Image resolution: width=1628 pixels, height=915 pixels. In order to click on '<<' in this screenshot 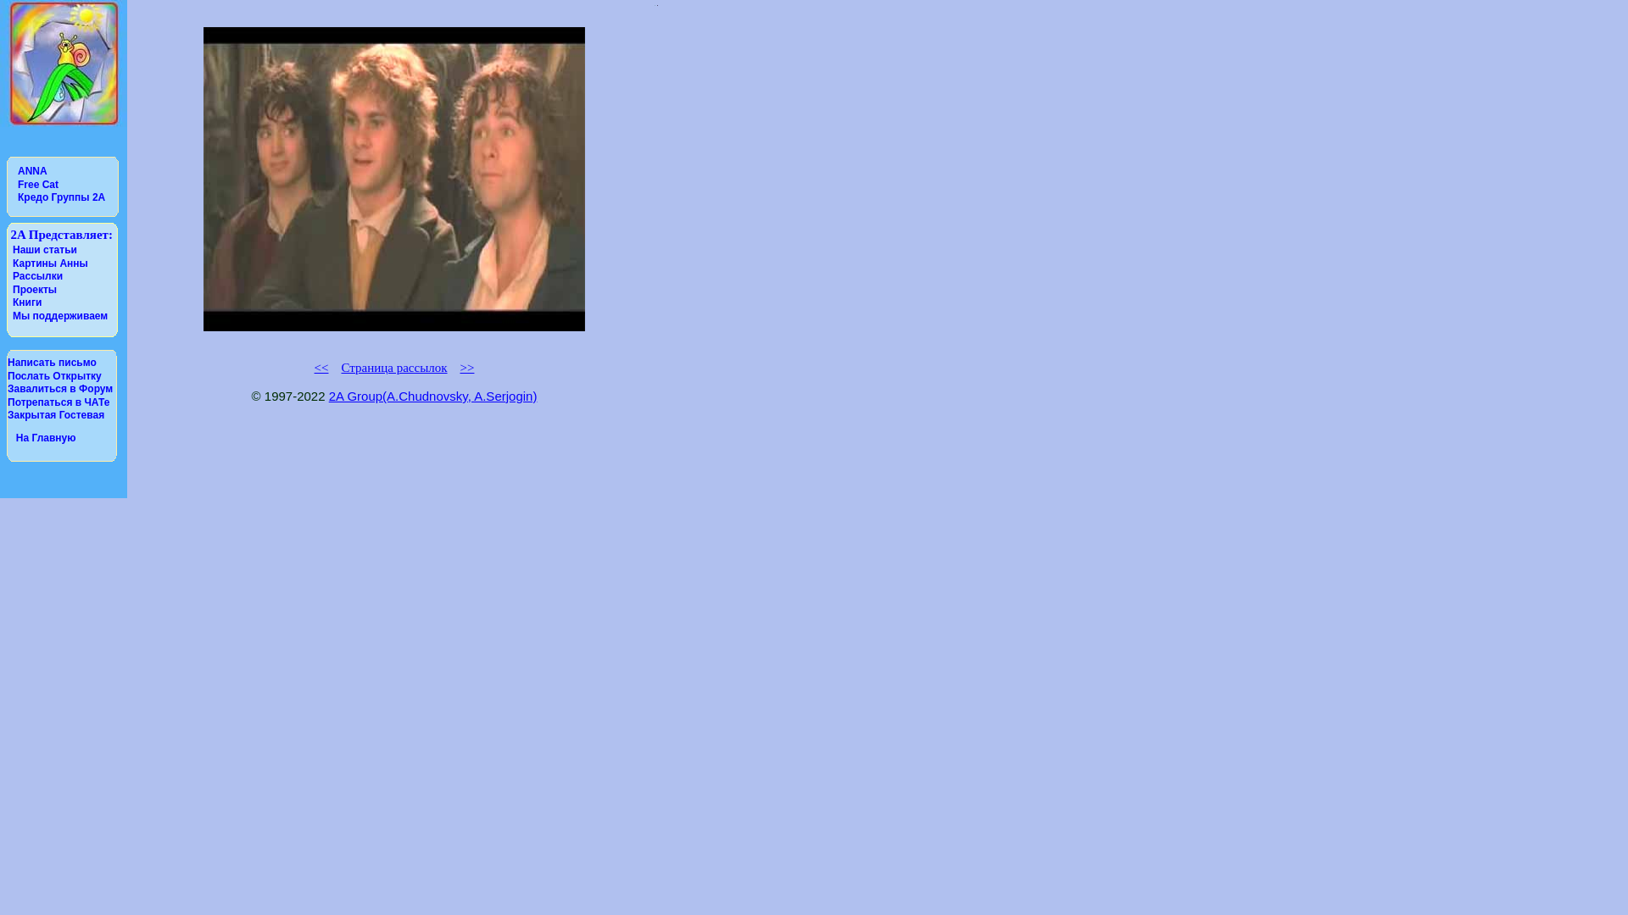, I will do `click(321, 367)`.